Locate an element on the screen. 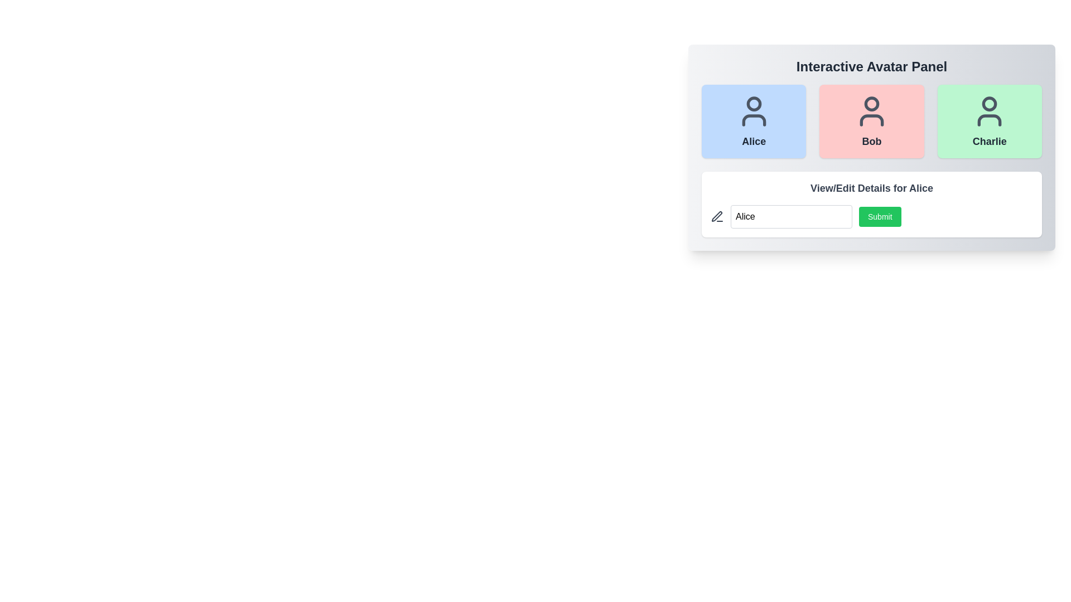 The width and height of the screenshot is (1071, 602). the user profile card for 'Bob' within the grid layout of the 'Interactive Avatar Panel' is located at coordinates (871, 122).